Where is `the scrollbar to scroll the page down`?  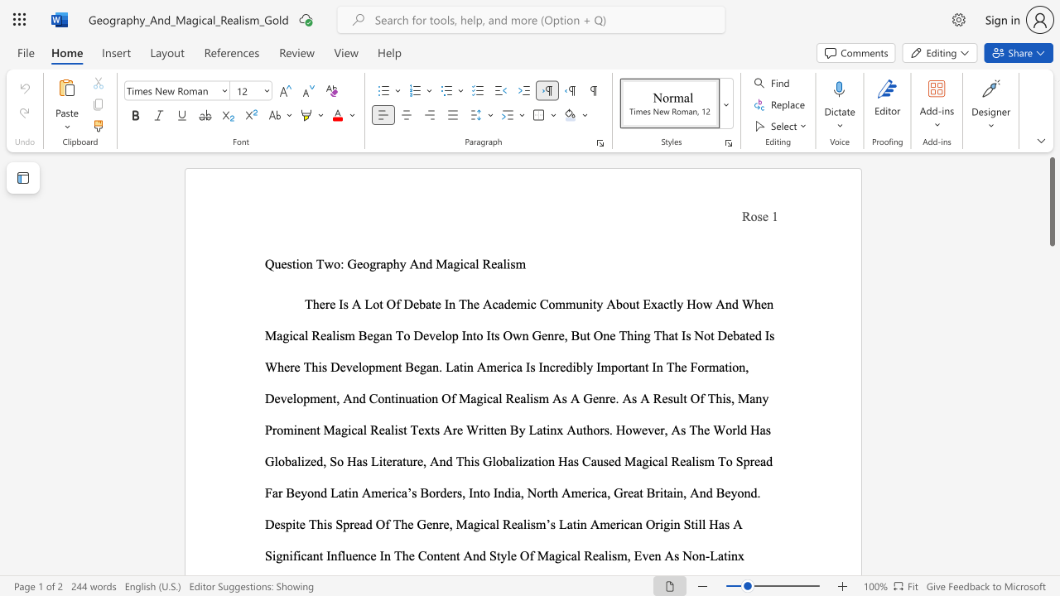 the scrollbar to scroll the page down is located at coordinates (1051, 546).